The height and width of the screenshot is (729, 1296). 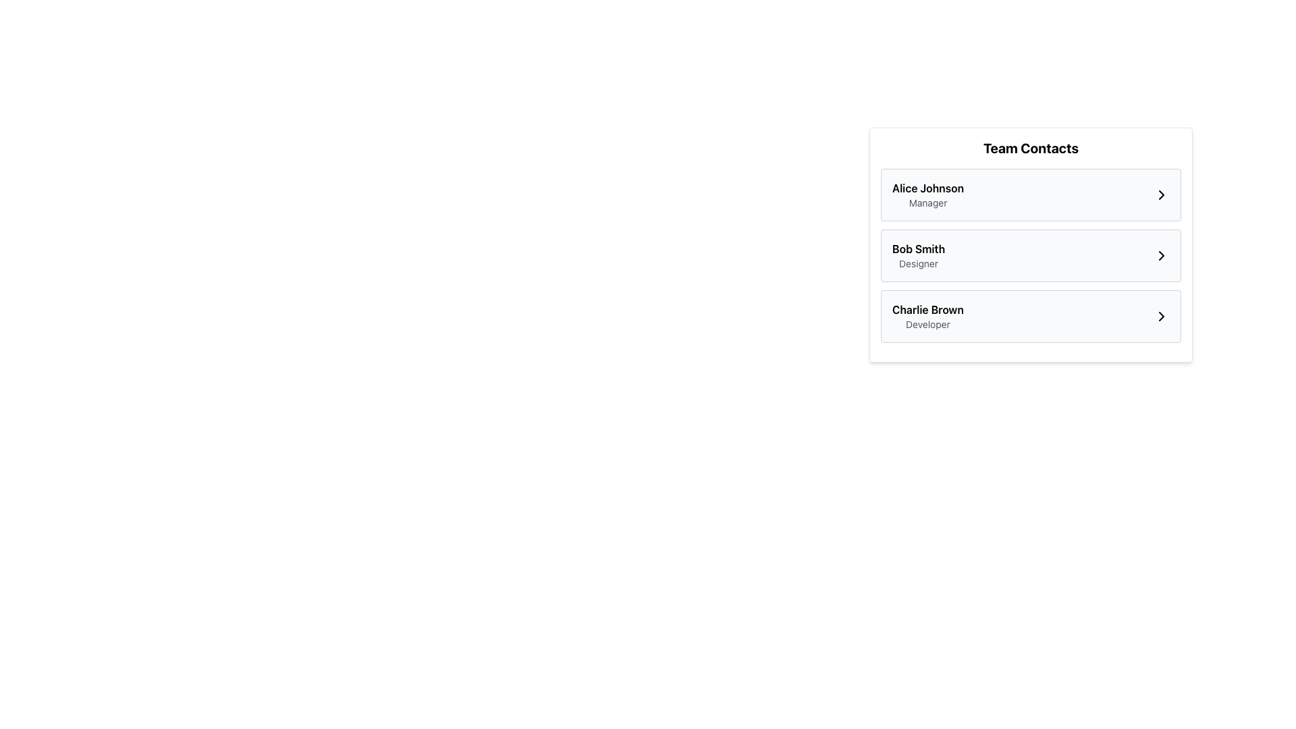 I want to click on the second contact entry in the 'Team Contacts' section, so click(x=1030, y=255).